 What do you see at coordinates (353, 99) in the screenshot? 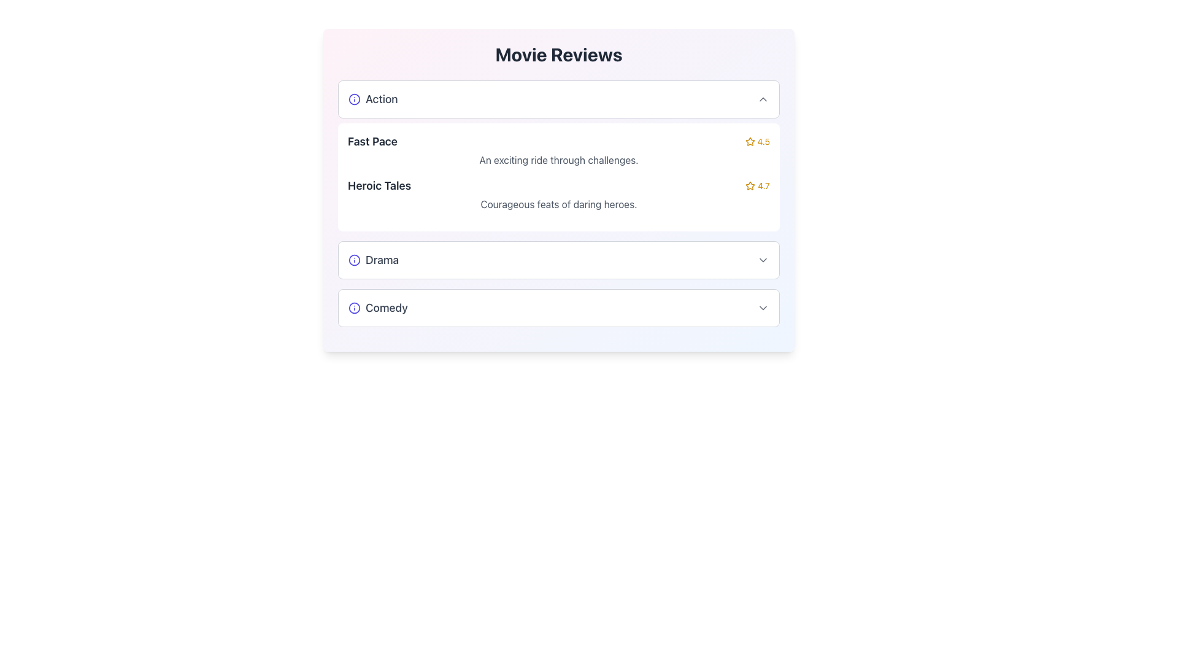
I see `the circular blue icon with an 'i' symbol inside, located to the left of the text 'Action' in the 'Action' category header within the 'Movie Reviews' section` at bounding box center [353, 99].